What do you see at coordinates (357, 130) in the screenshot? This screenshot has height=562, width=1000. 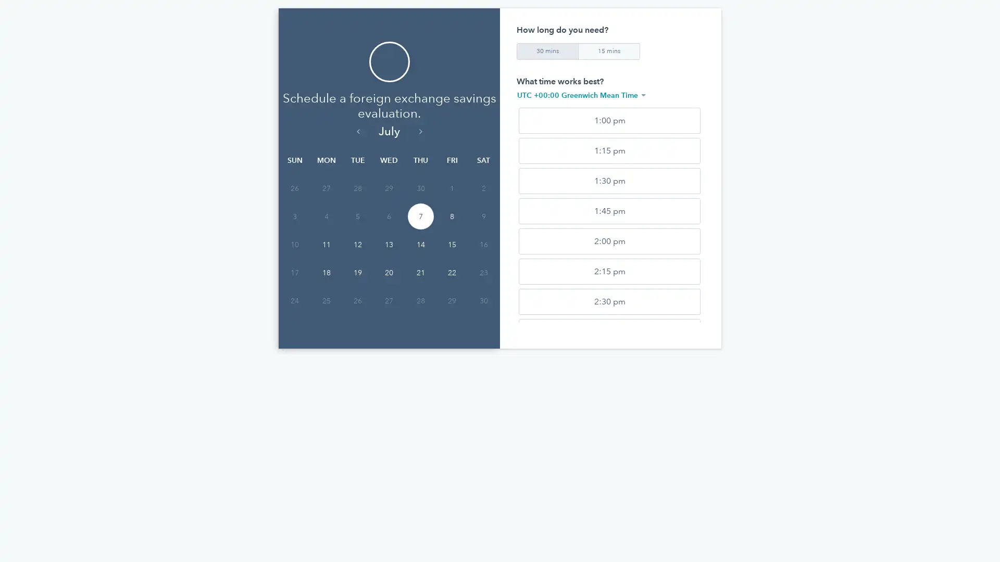 I see `View June` at bounding box center [357, 130].